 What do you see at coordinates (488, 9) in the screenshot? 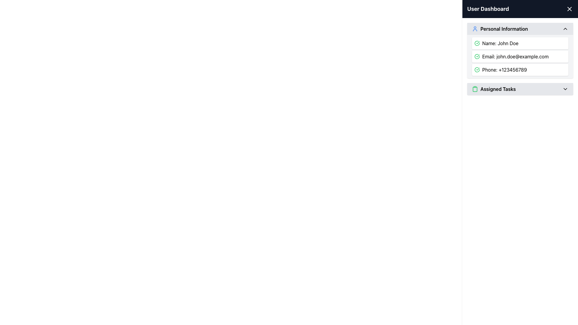
I see `the 'User Dashboard' text label, which is a bold, large white font on a dark blue background, located at the top of the sidebar` at bounding box center [488, 9].